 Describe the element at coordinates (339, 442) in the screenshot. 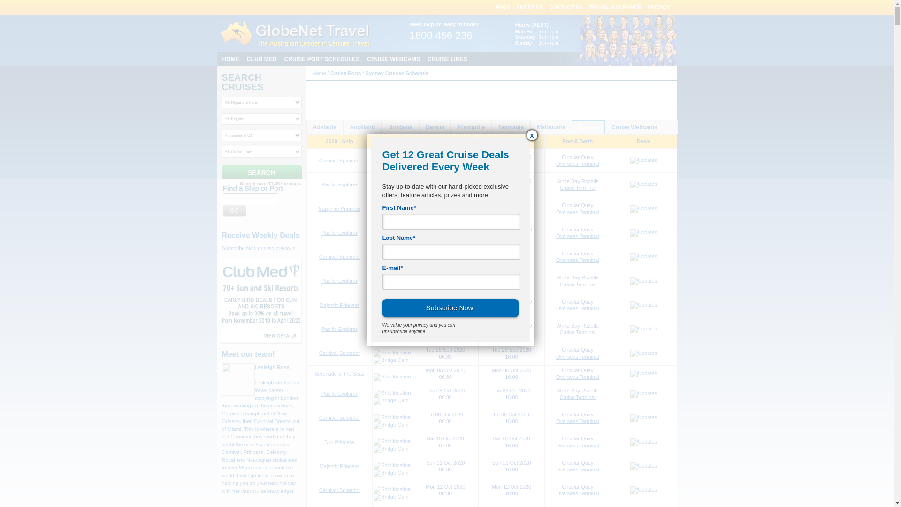

I see `'Sun Princess'` at that location.